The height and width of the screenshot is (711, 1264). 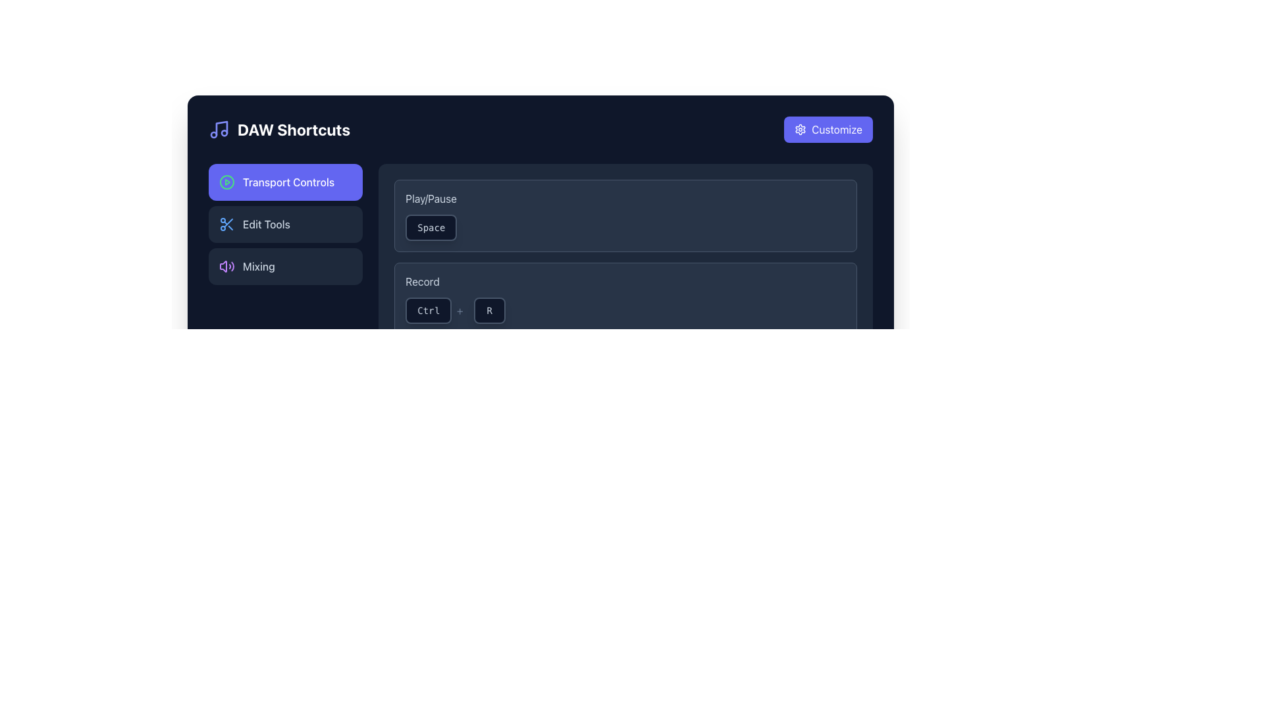 What do you see at coordinates (800, 129) in the screenshot?
I see `the settings icon located within the 'Customize' button at the top-right corner of the interface` at bounding box center [800, 129].